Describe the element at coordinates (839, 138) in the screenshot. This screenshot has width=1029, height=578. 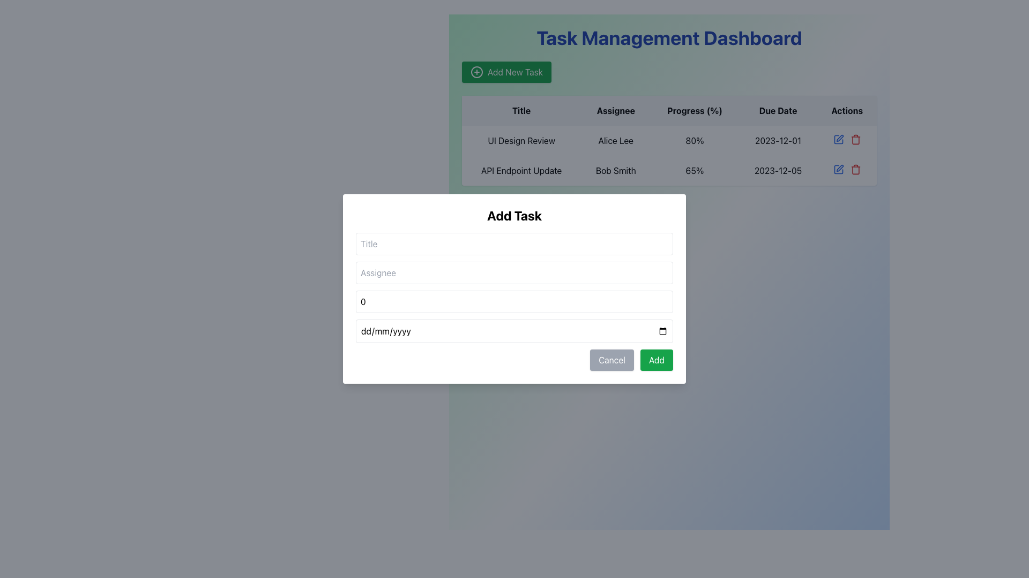
I see `the first icon button in the 'Actions' column of the second row of the table, which is used for editing the corresponding entry` at that location.